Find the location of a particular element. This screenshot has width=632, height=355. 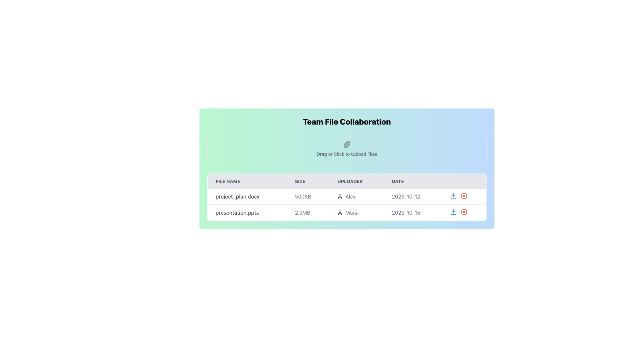

the table header row containing the labels 'FILE NAME', 'SIZE', 'UPLOADER', and 'DATE', which is styled with uppercase text and a gray background is located at coordinates (347, 181).